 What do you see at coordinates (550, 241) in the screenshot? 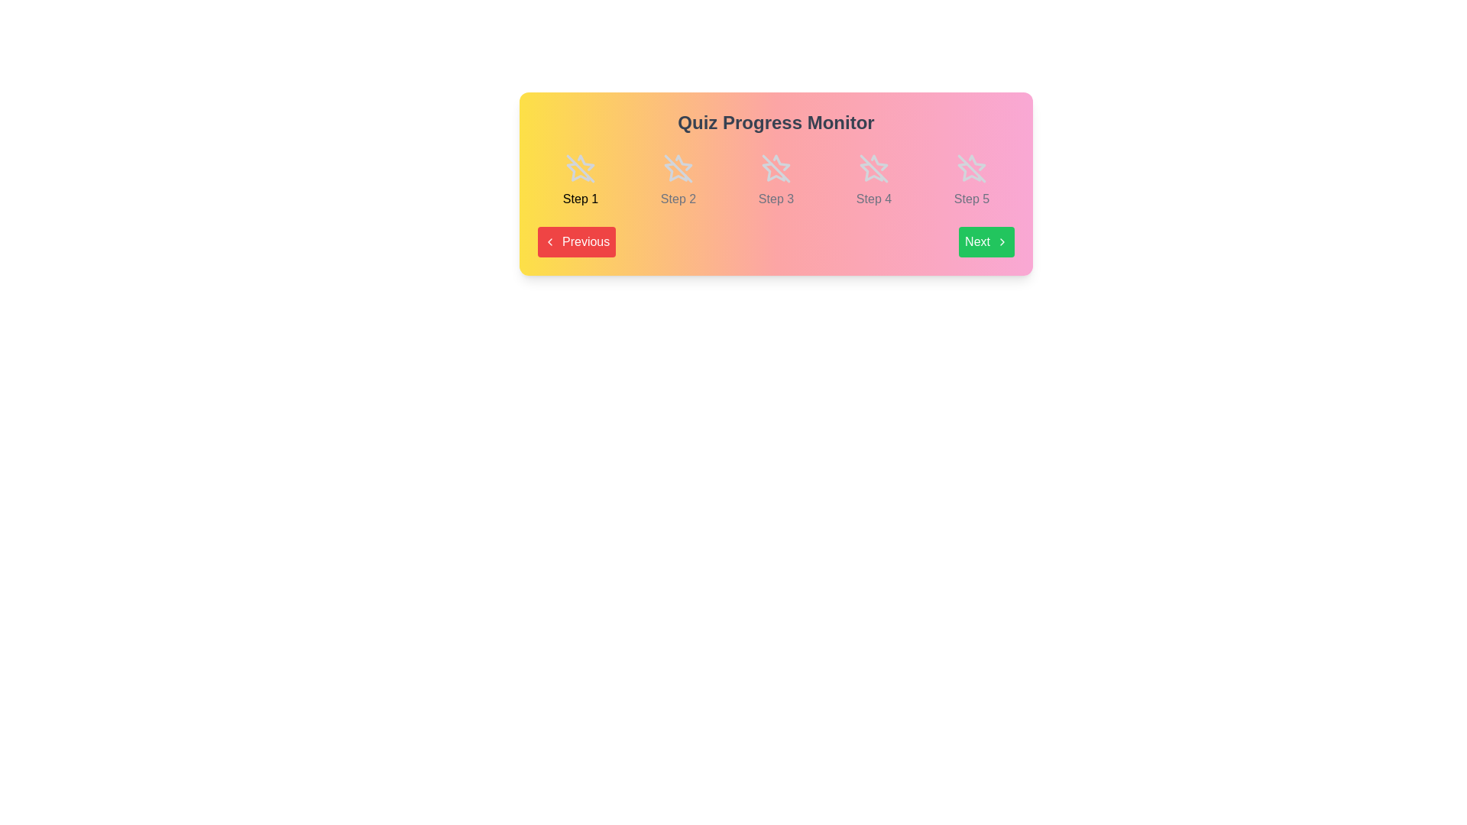
I see `the left arrow icon within the red 'Previous' button` at bounding box center [550, 241].